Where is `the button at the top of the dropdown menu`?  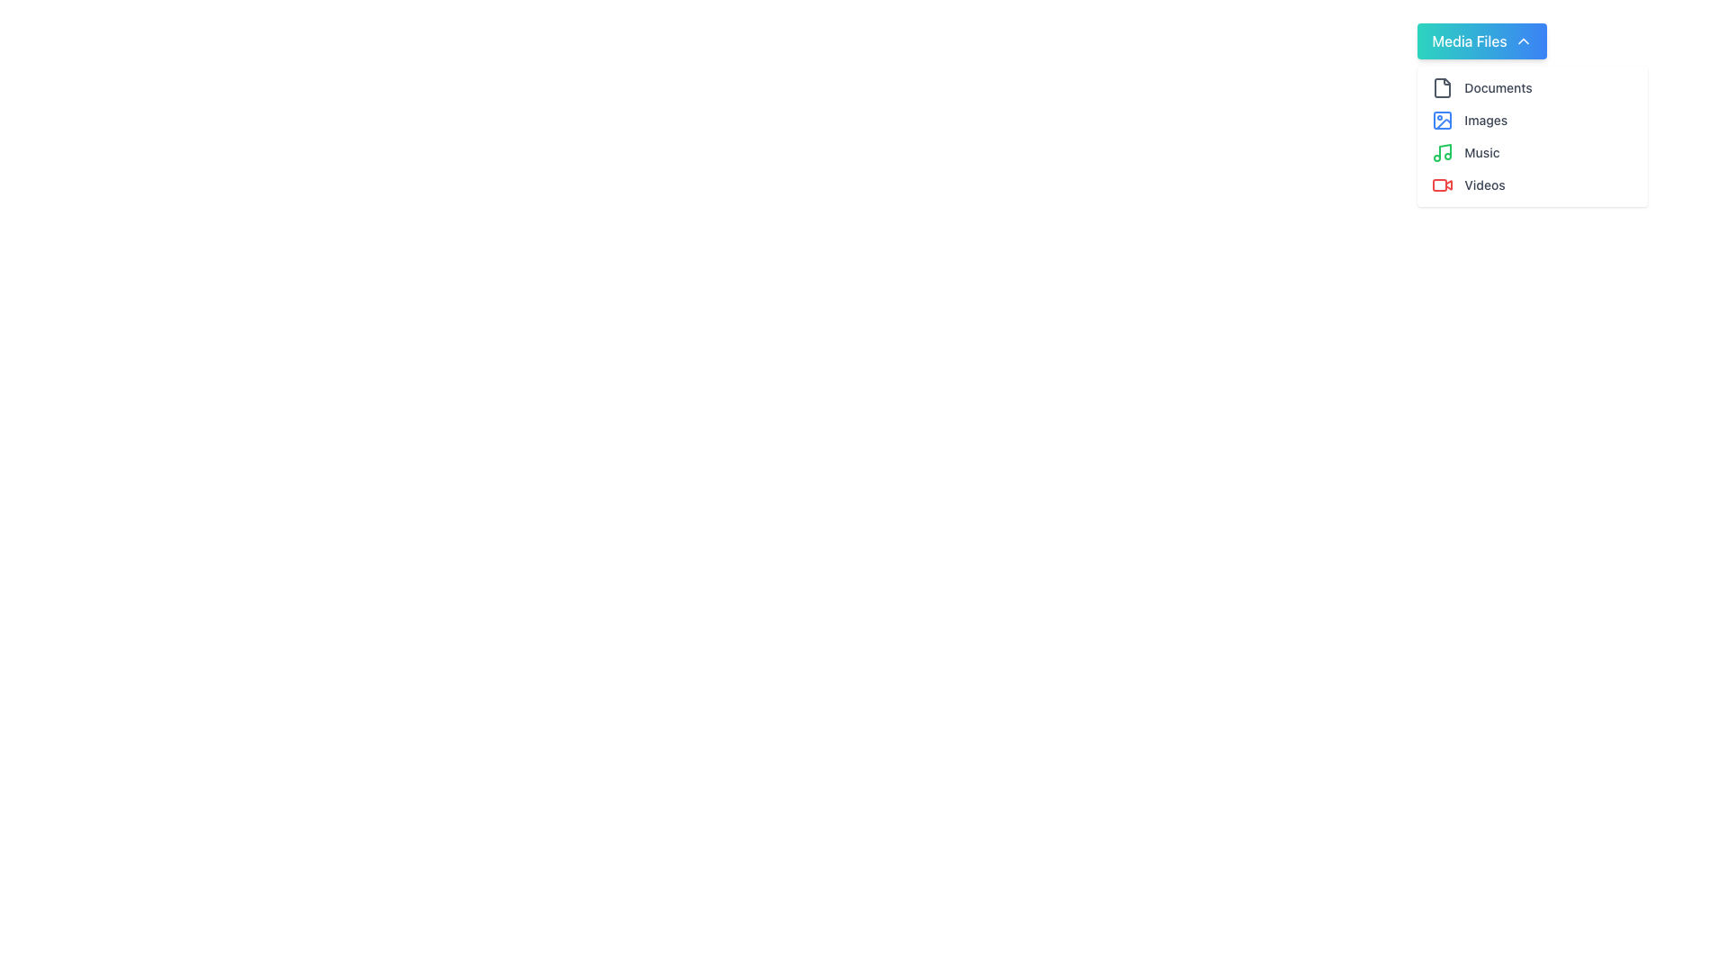 the button at the top of the dropdown menu is located at coordinates (1481, 40).